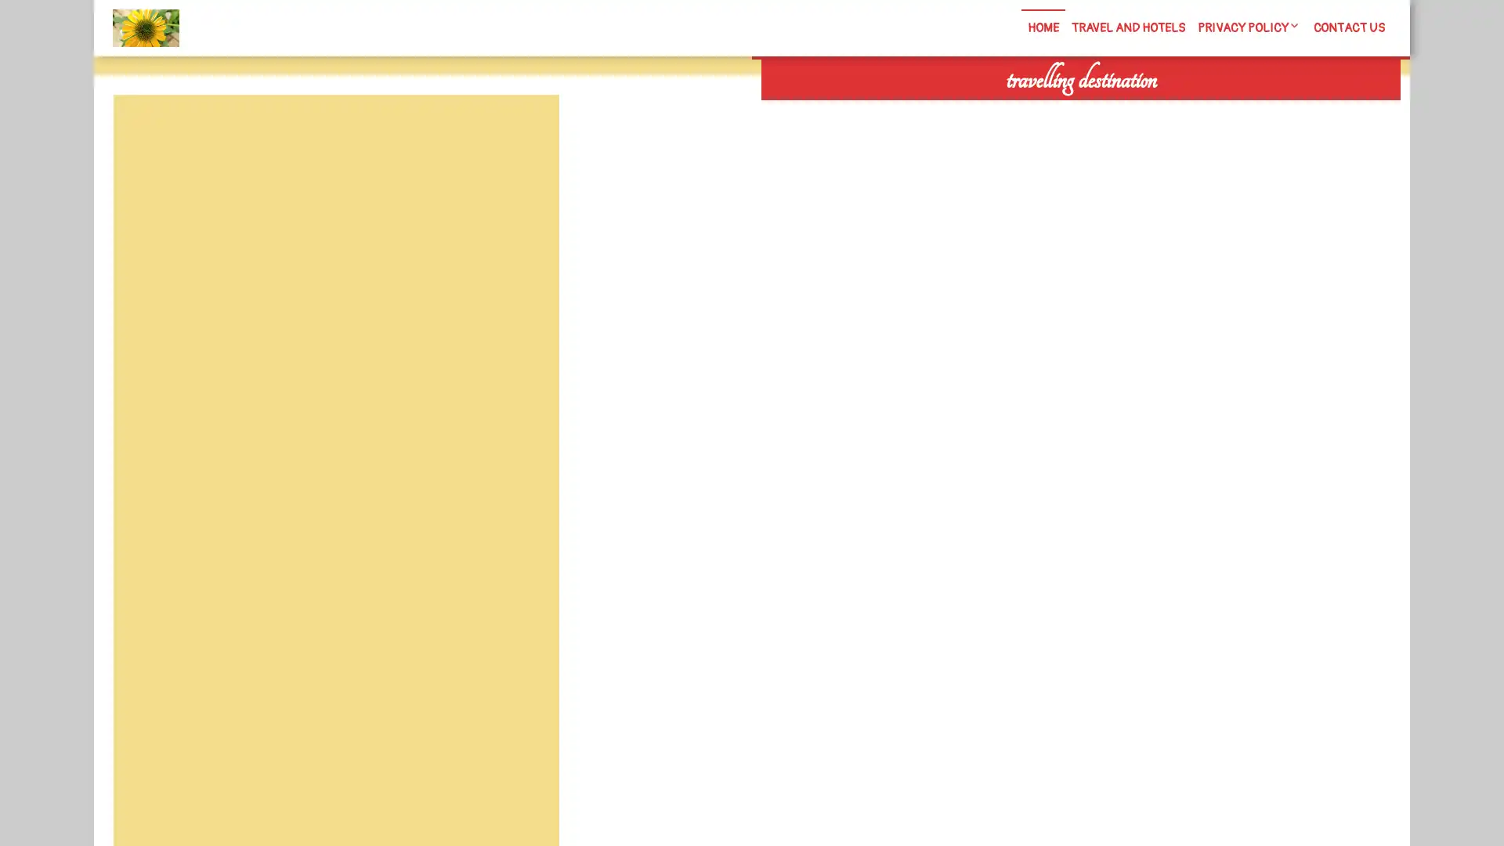  Describe the element at coordinates (1220, 110) in the screenshot. I see `Search` at that location.